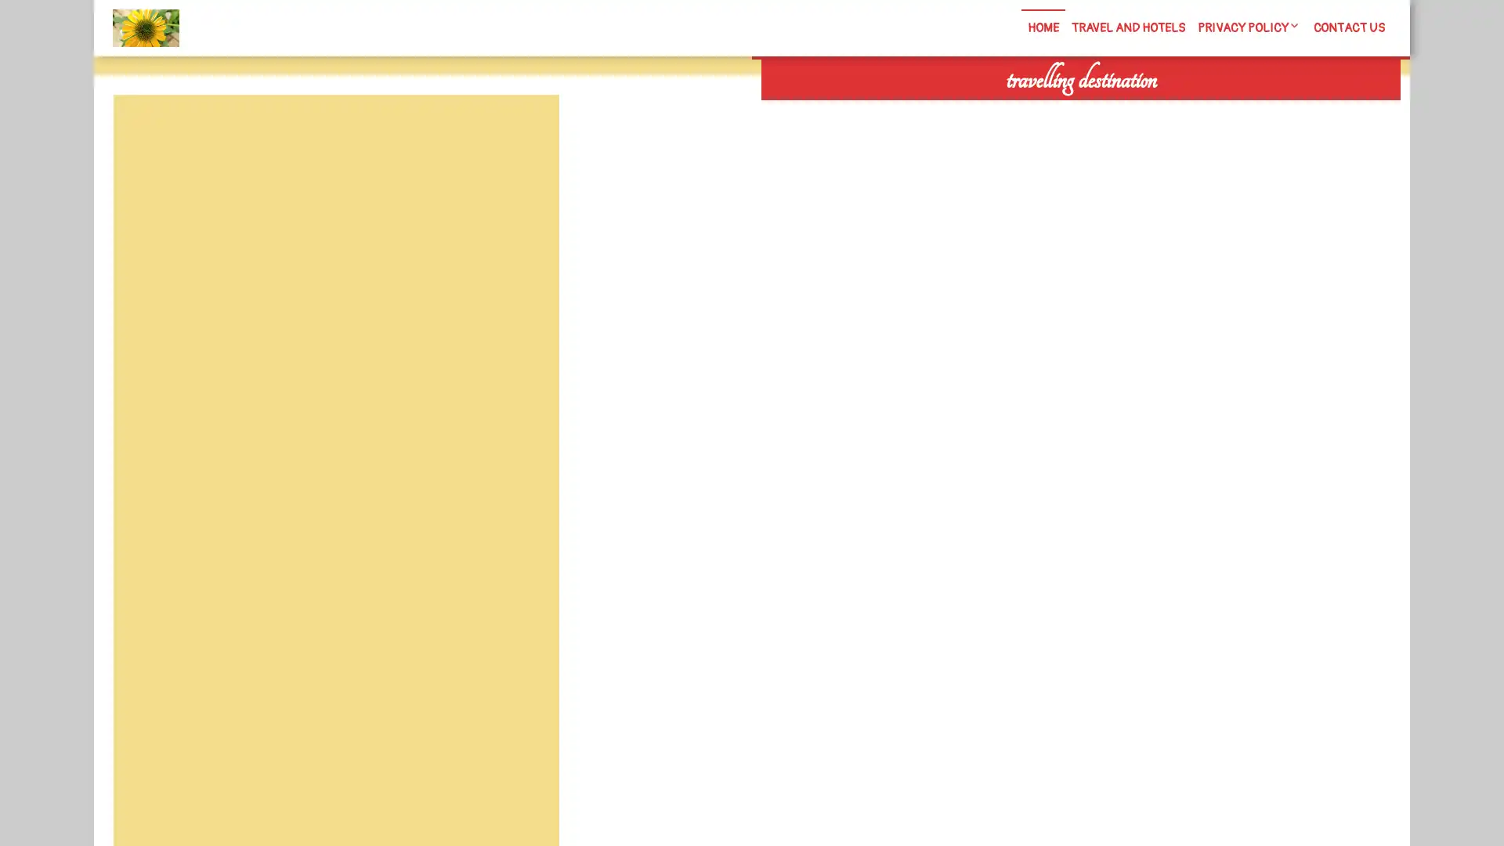  Describe the element at coordinates (1220, 110) in the screenshot. I see `Search` at that location.